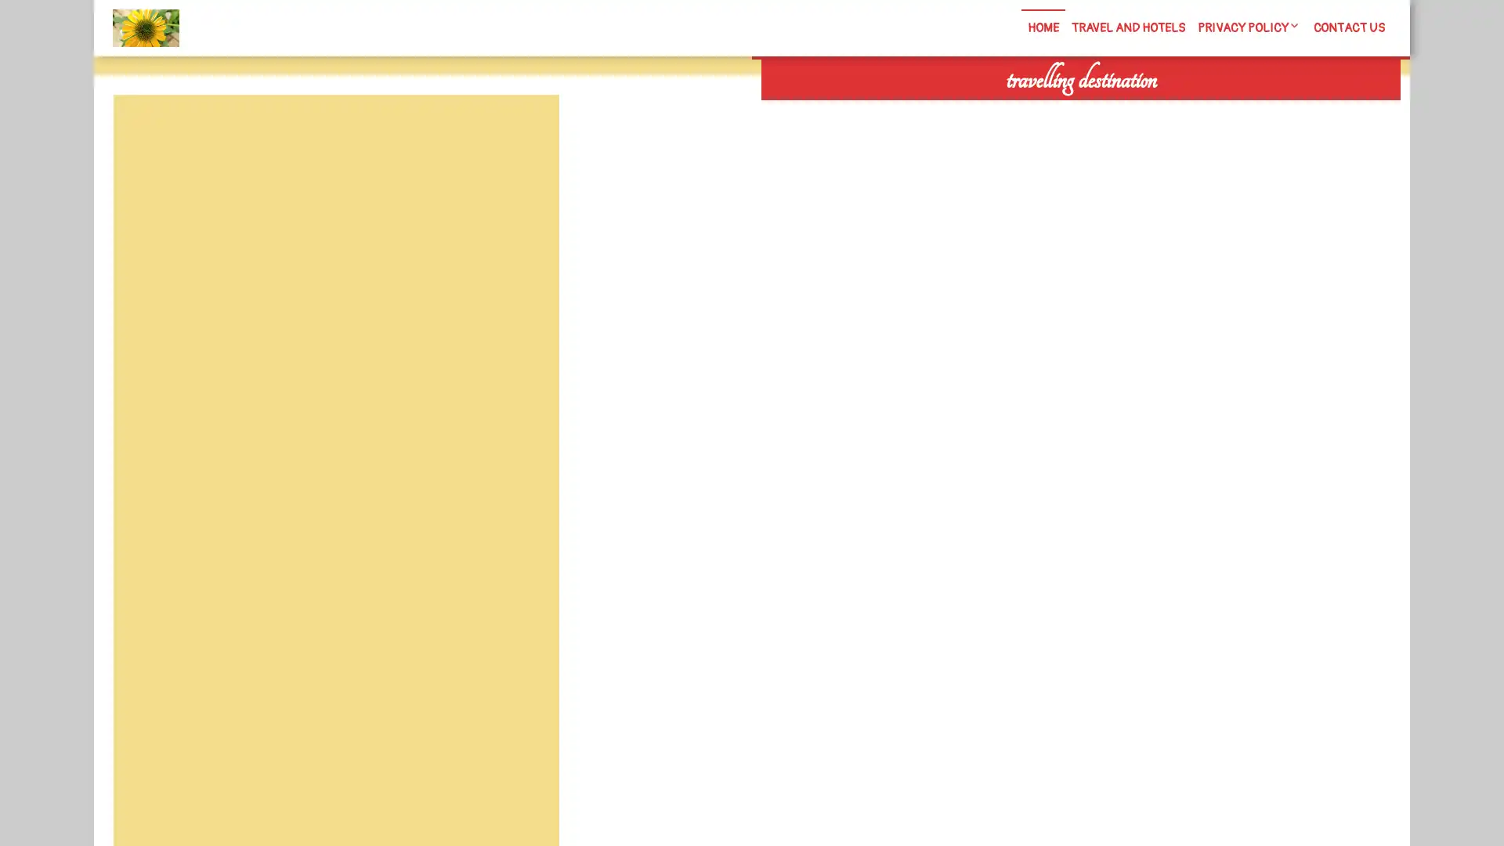  Describe the element at coordinates (1220, 110) in the screenshot. I see `Search` at that location.